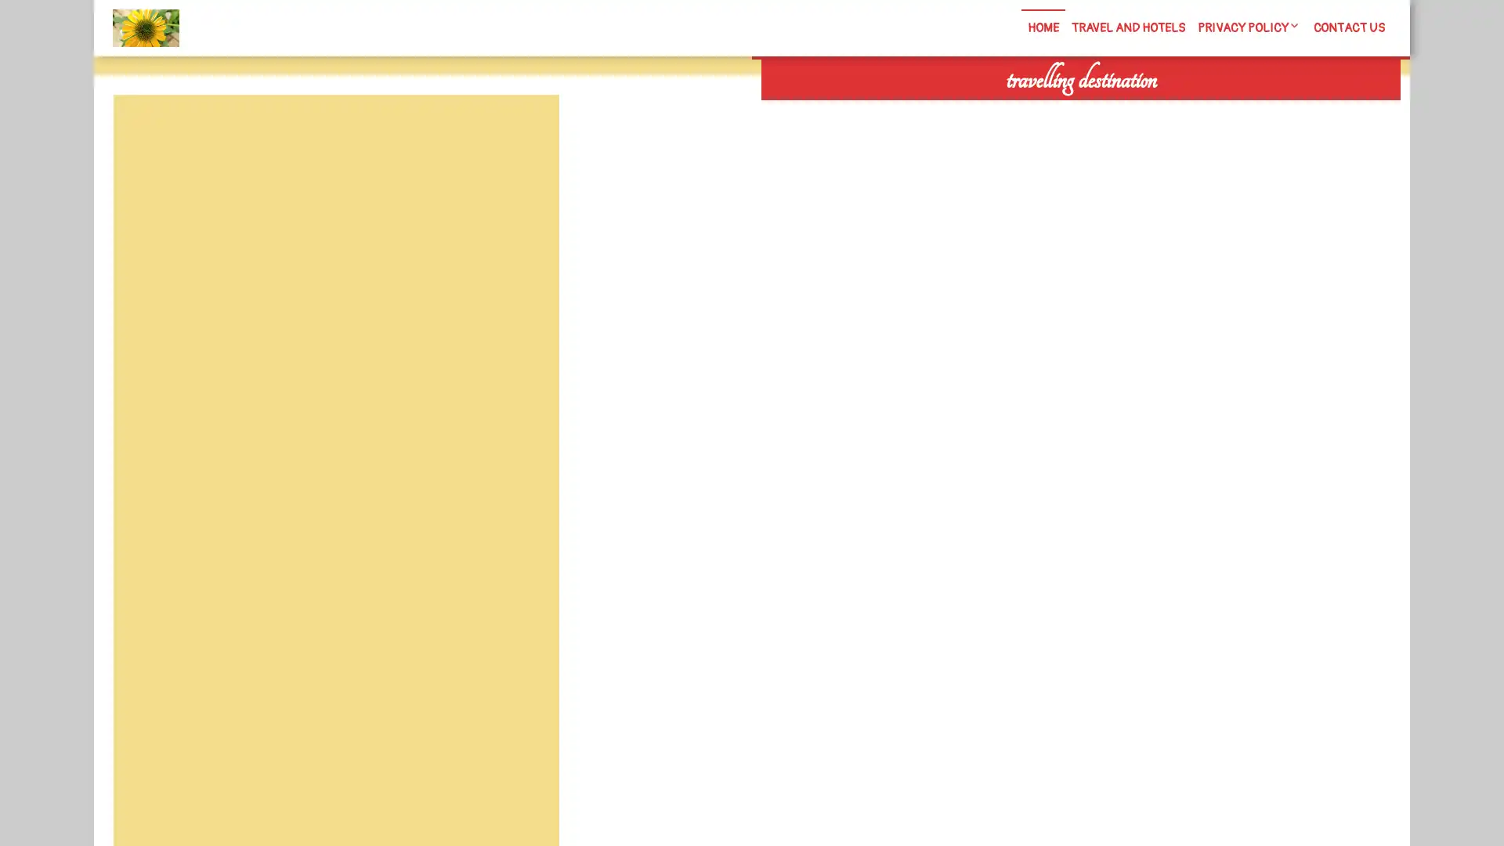  Describe the element at coordinates (1220, 110) in the screenshot. I see `Search` at that location.